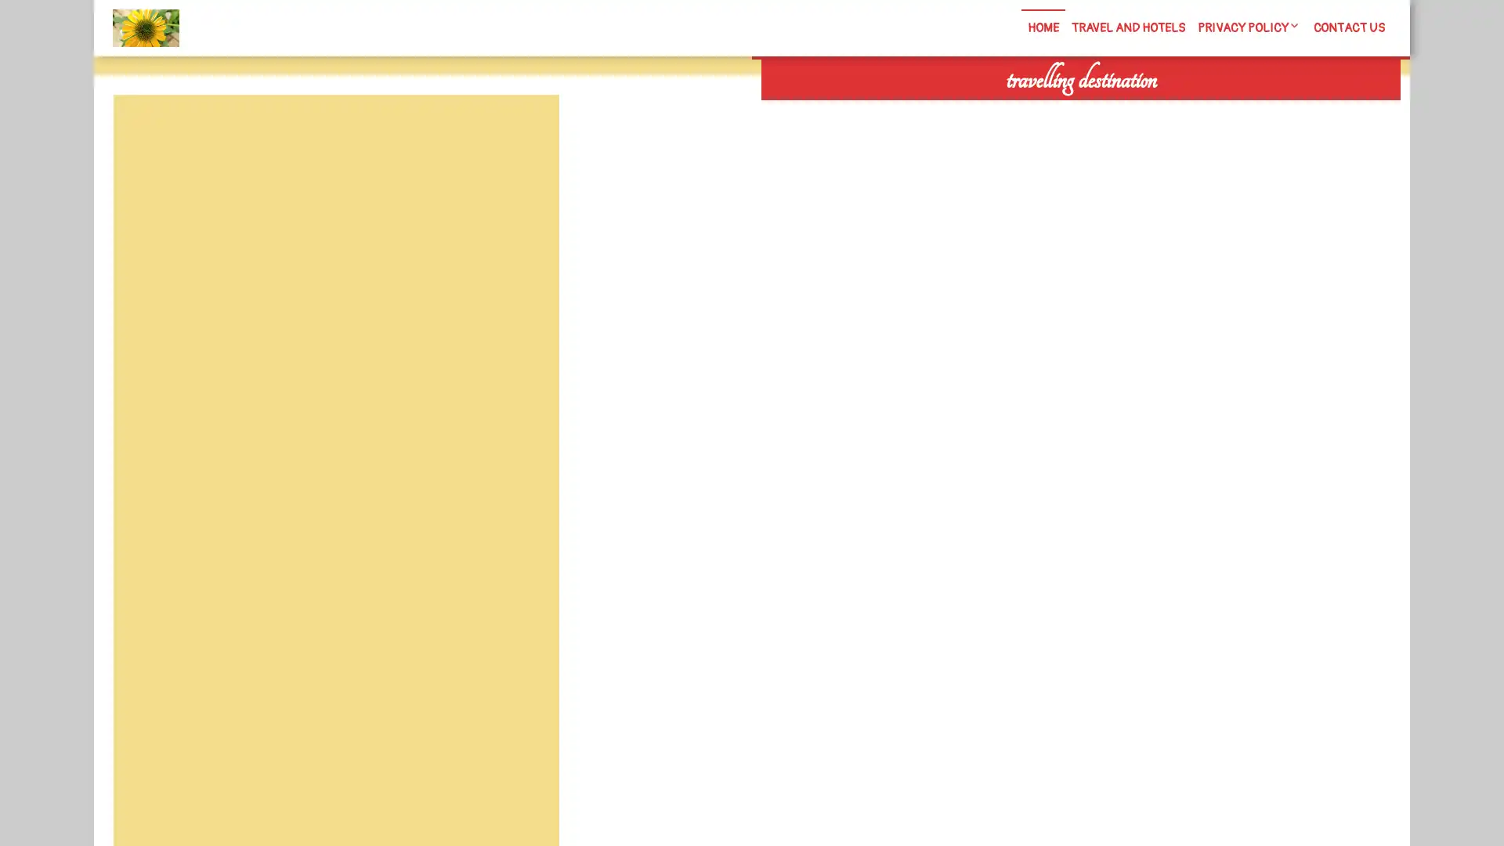  Describe the element at coordinates (1220, 110) in the screenshot. I see `Search` at that location.